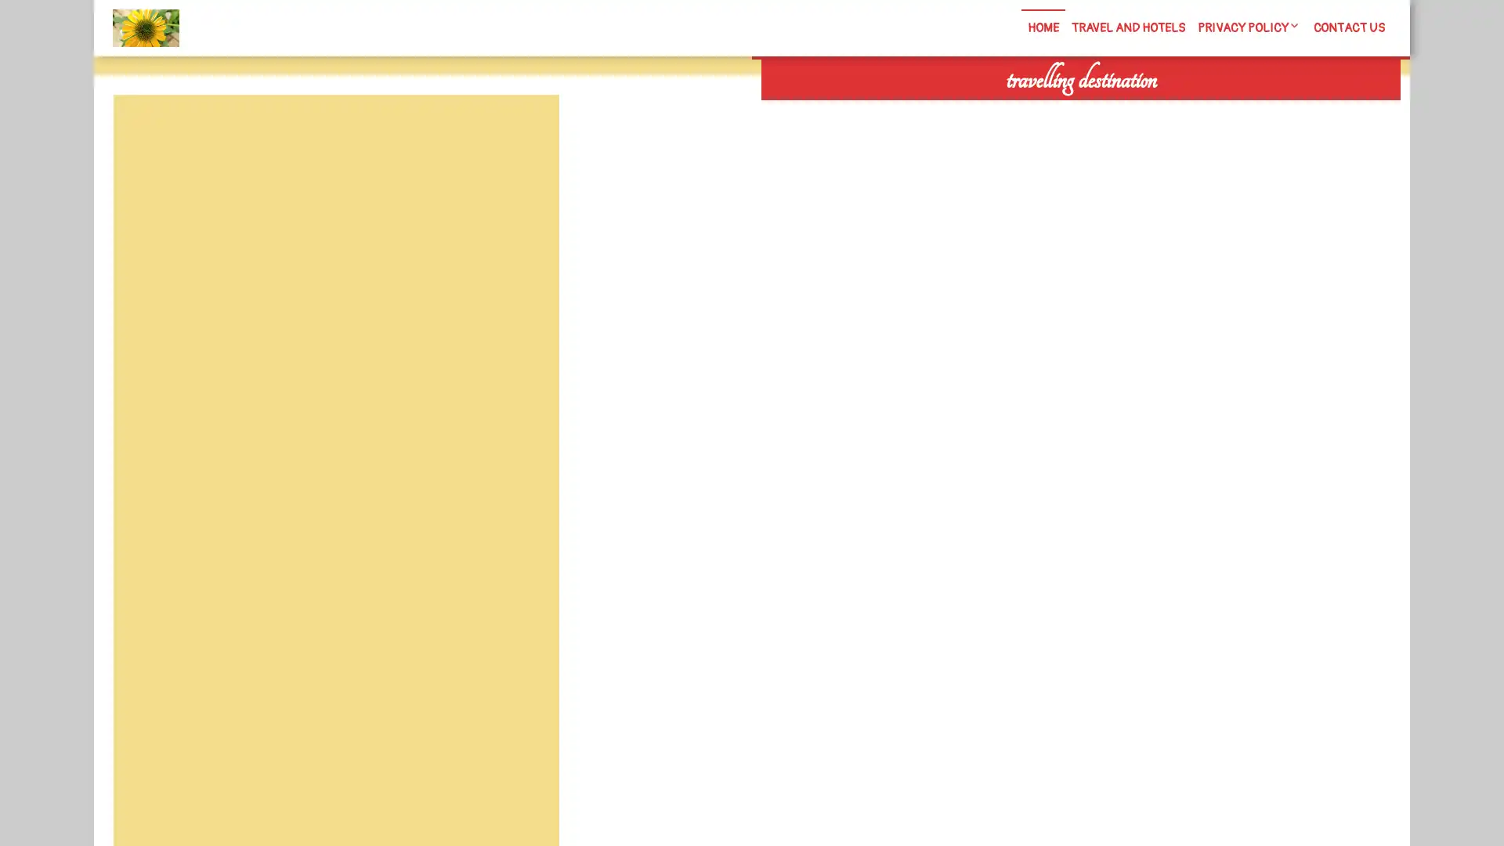  Describe the element at coordinates (1220, 110) in the screenshot. I see `Search` at that location.